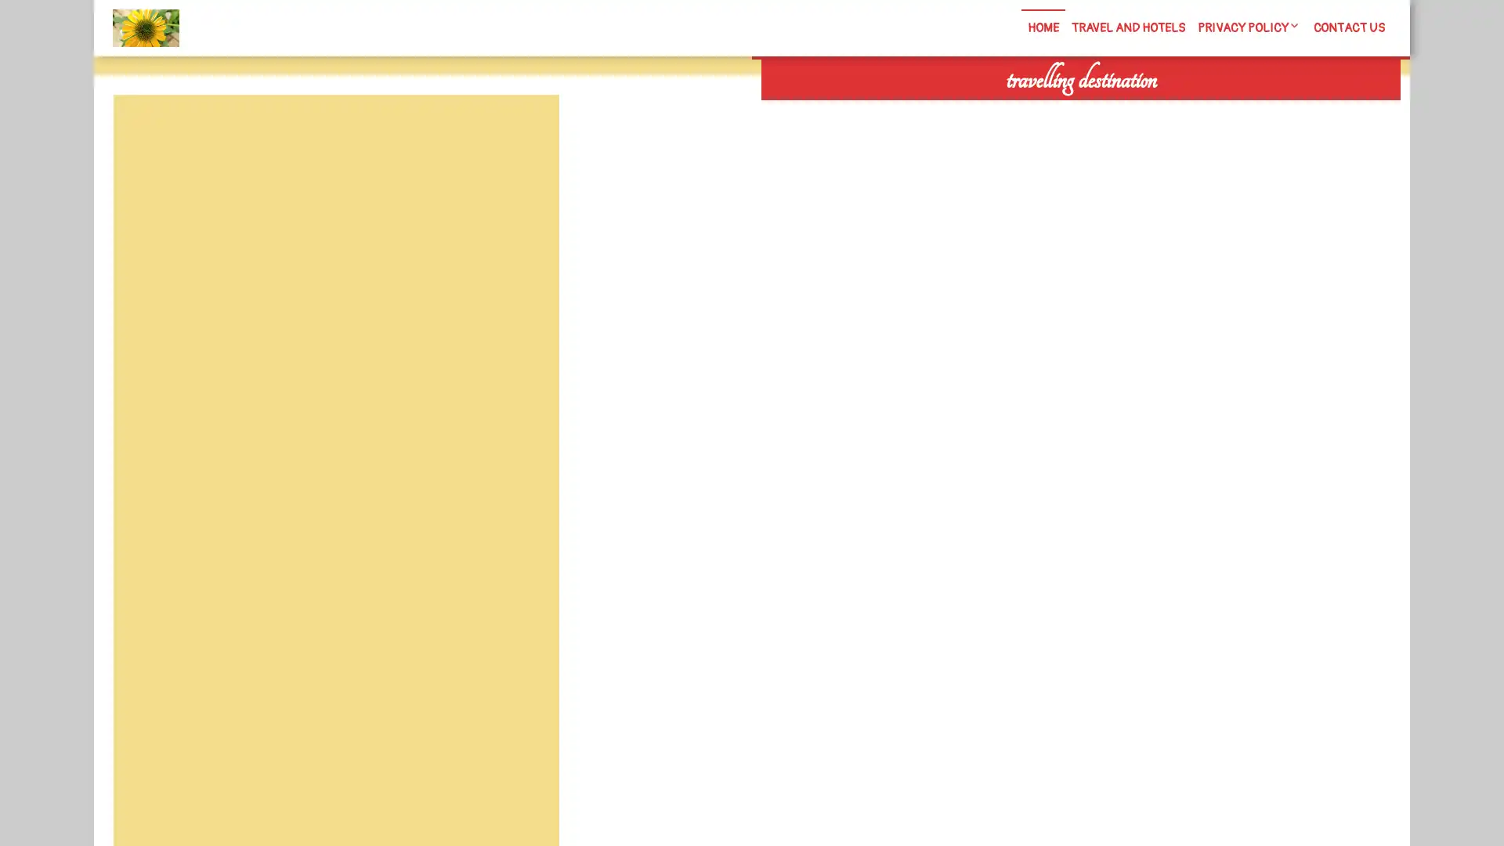  Describe the element at coordinates (1220, 110) in the screenshot. I see `Search` at that location.